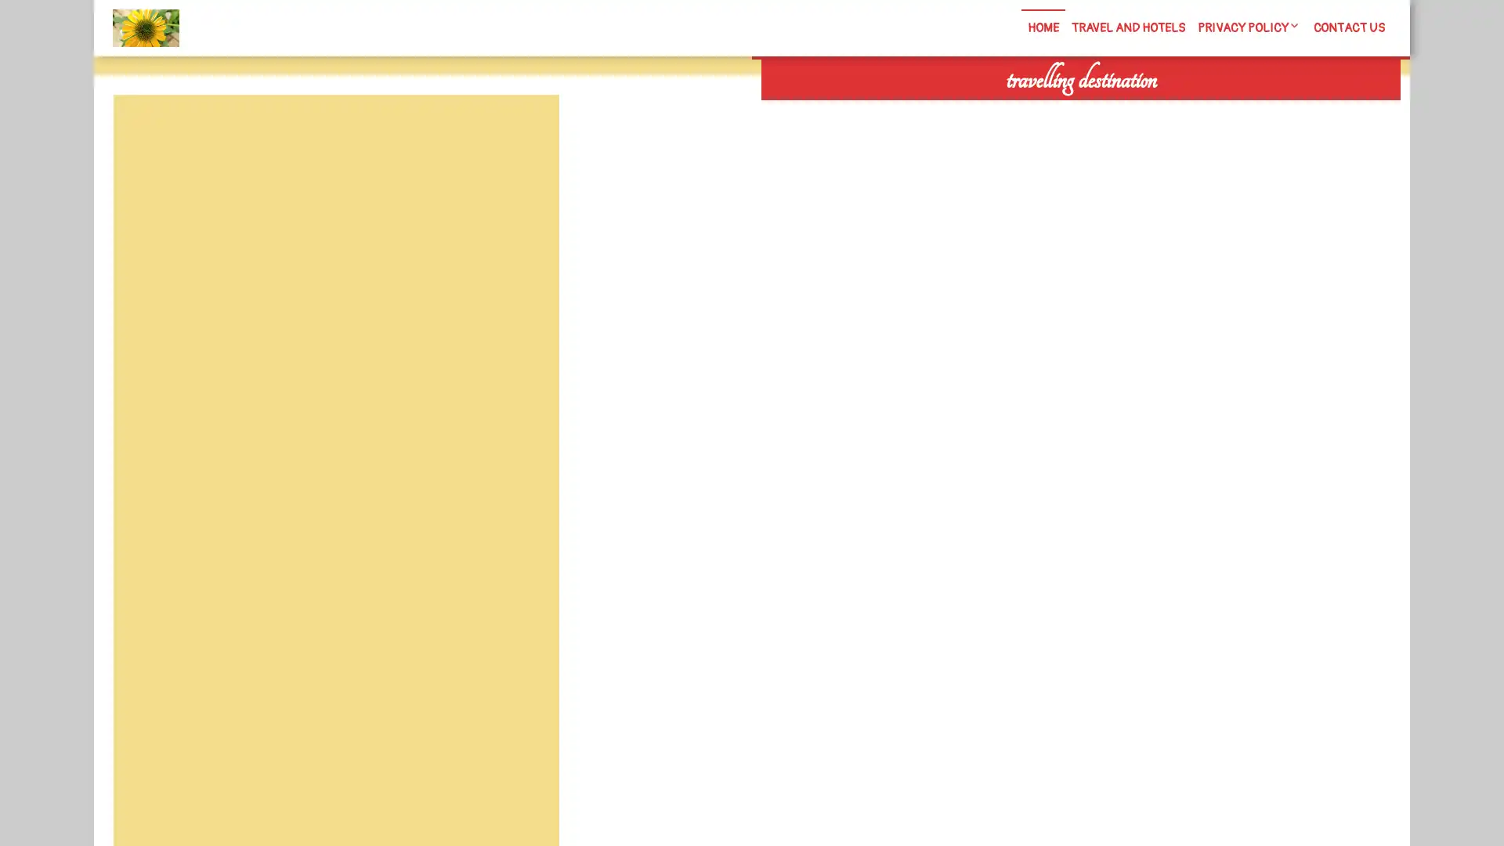  Describe the element at coordinates (1220, 110) in the screenshot. I see `Search` at that location.